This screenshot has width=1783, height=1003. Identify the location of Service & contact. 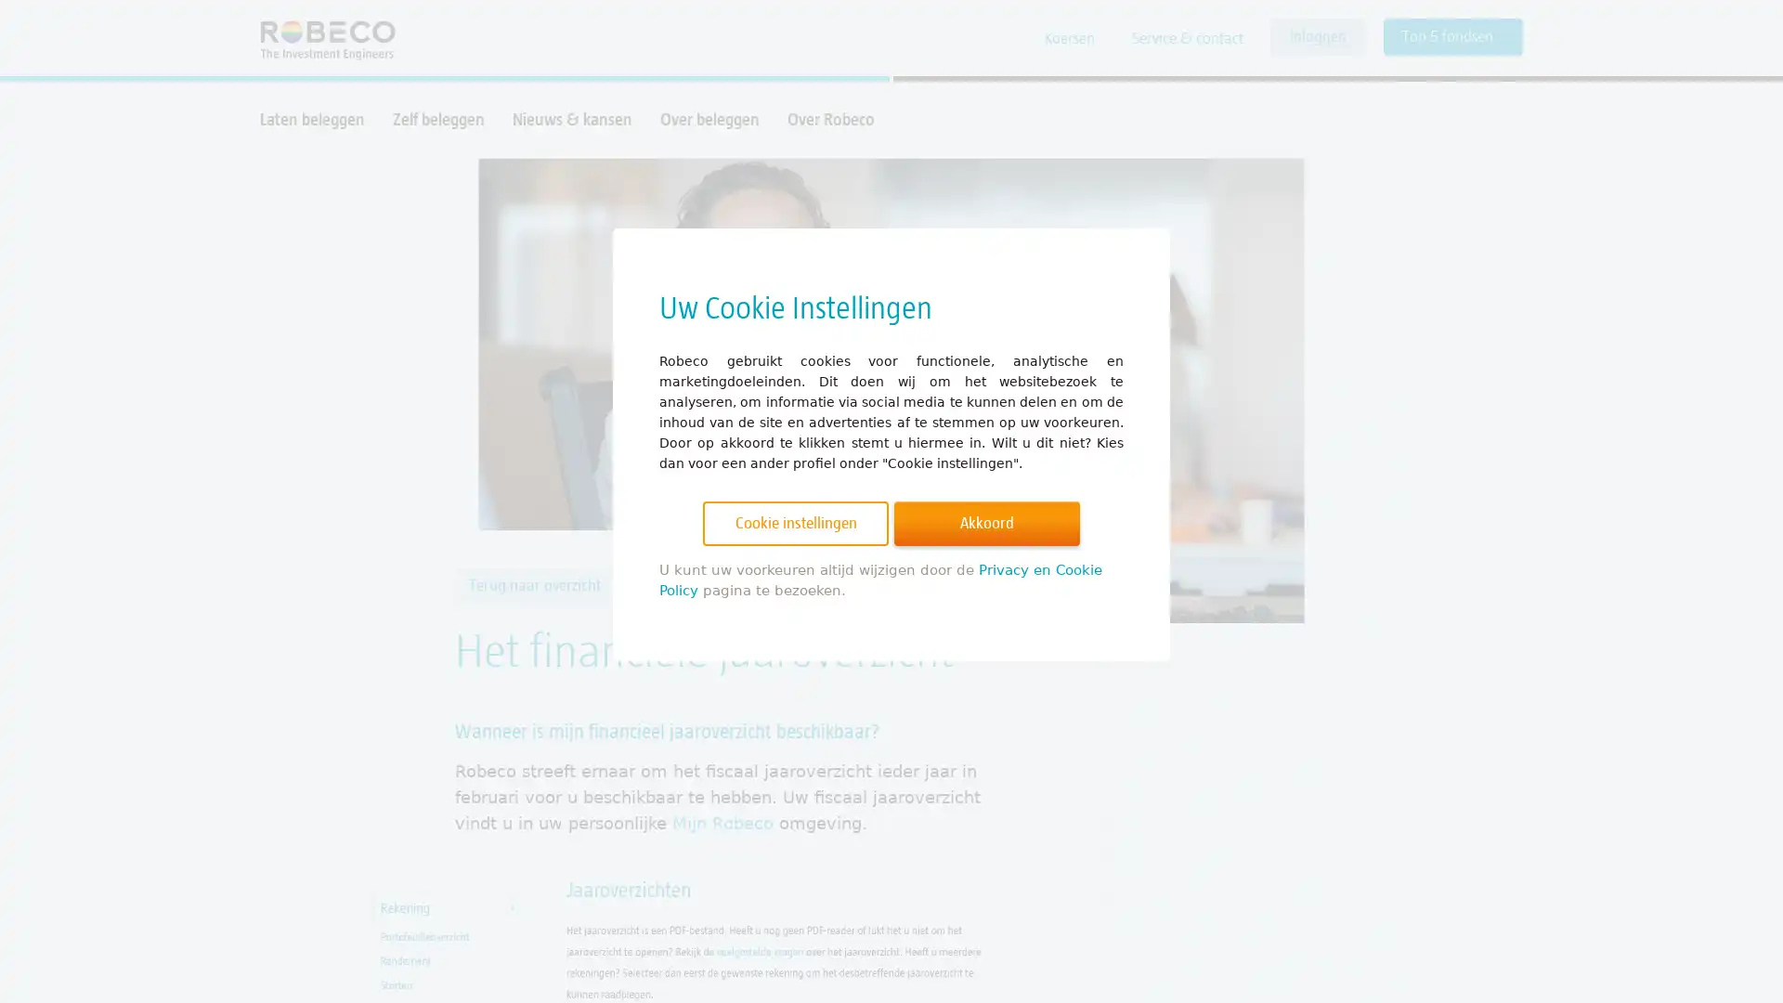
(1186, 39).